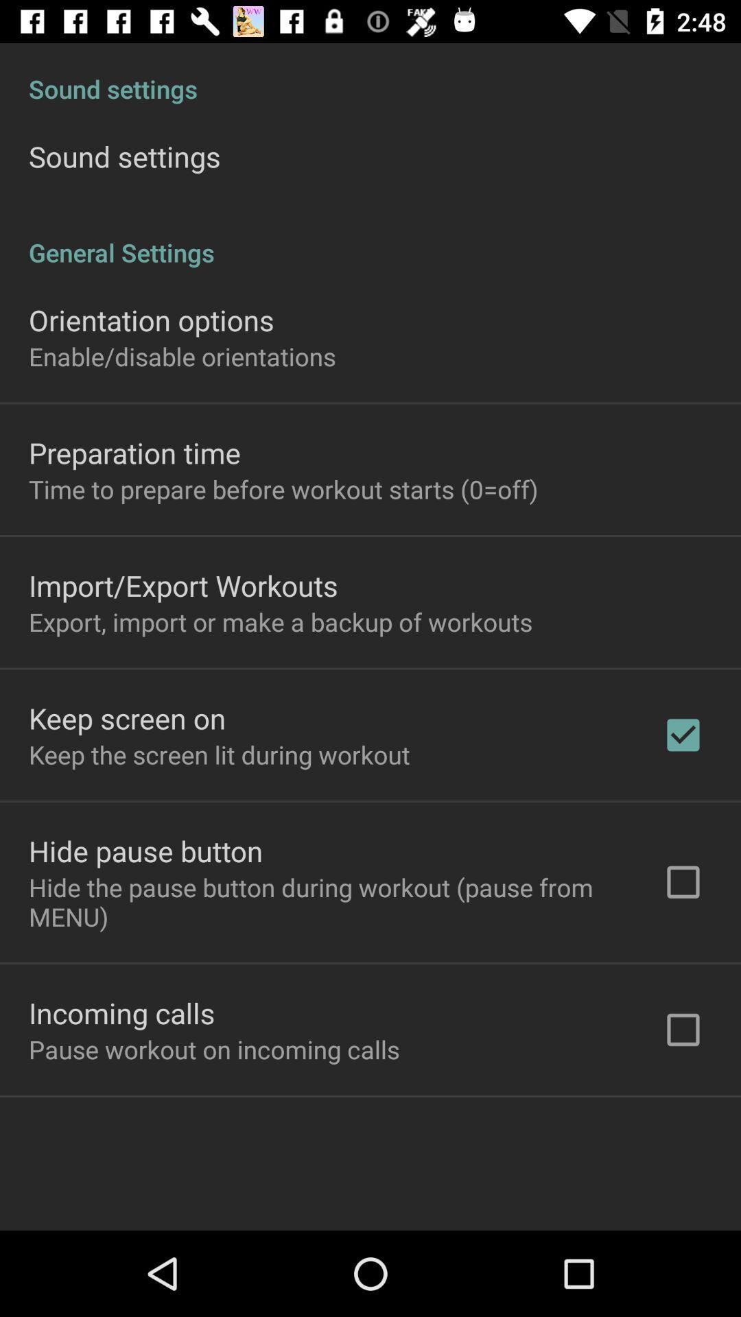 The width and height of the screenshot is (741, 1317). I want to click on general settings item, so click(370, 238).